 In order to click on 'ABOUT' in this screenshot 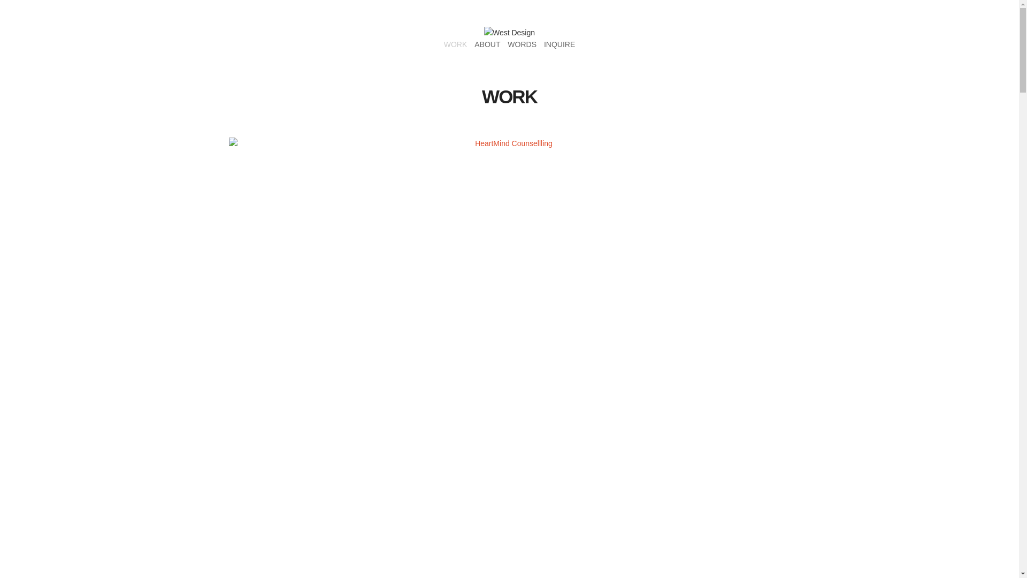, I will do `click(487, 44)`.